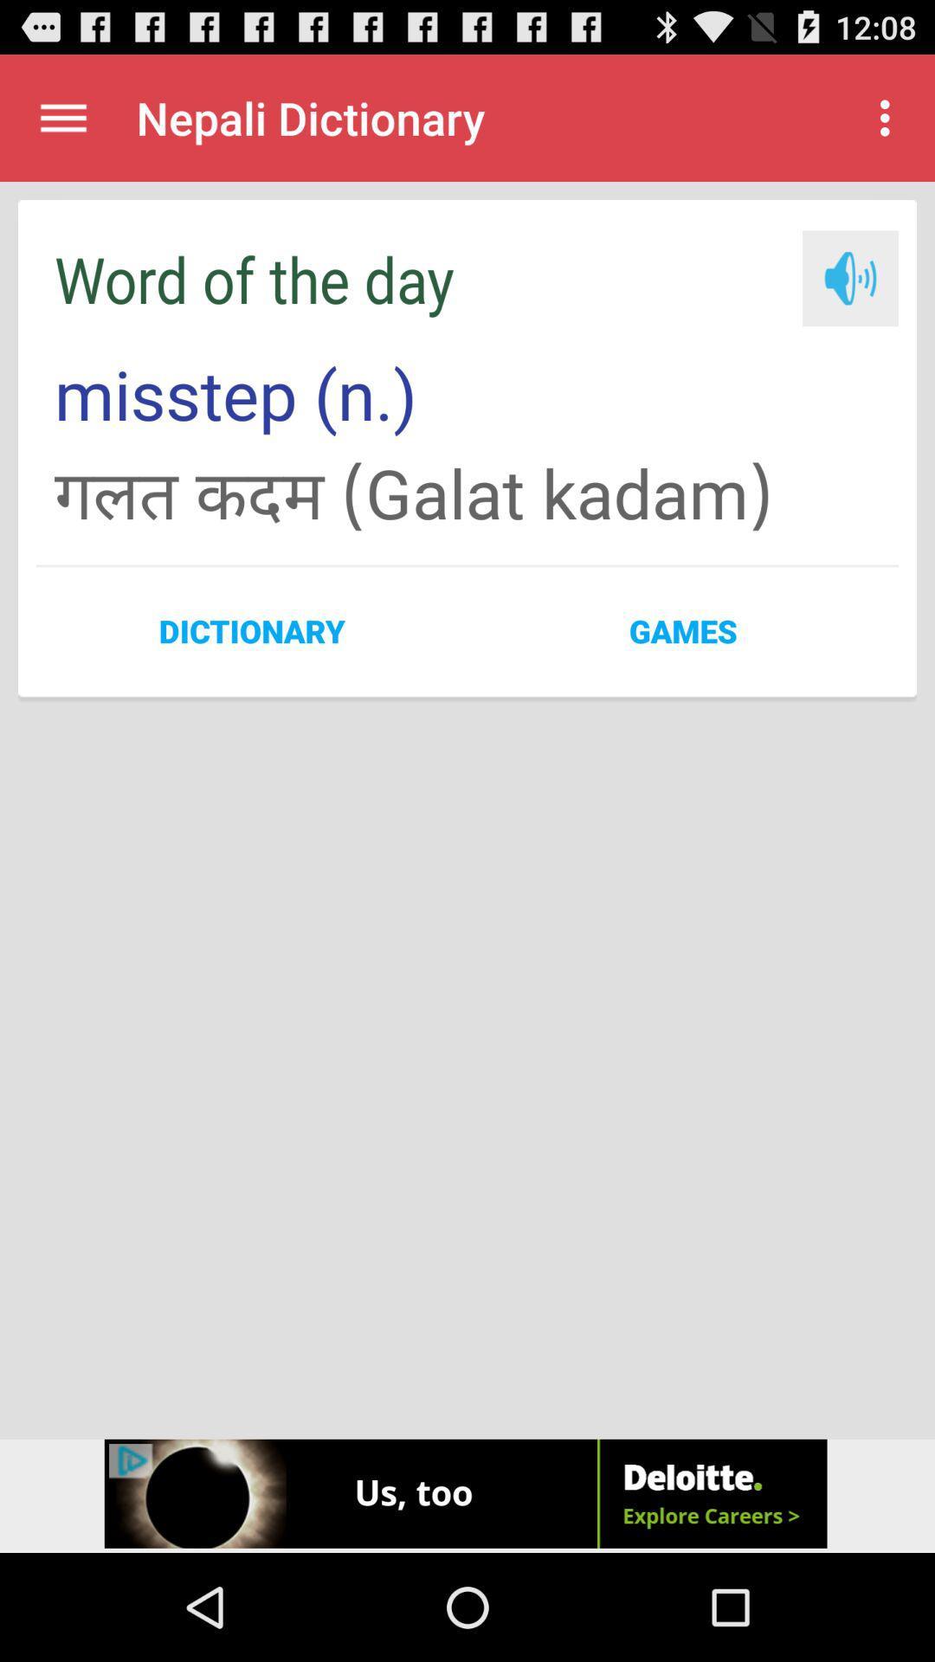  I want to click on show advertisement, so click(467, 1495).